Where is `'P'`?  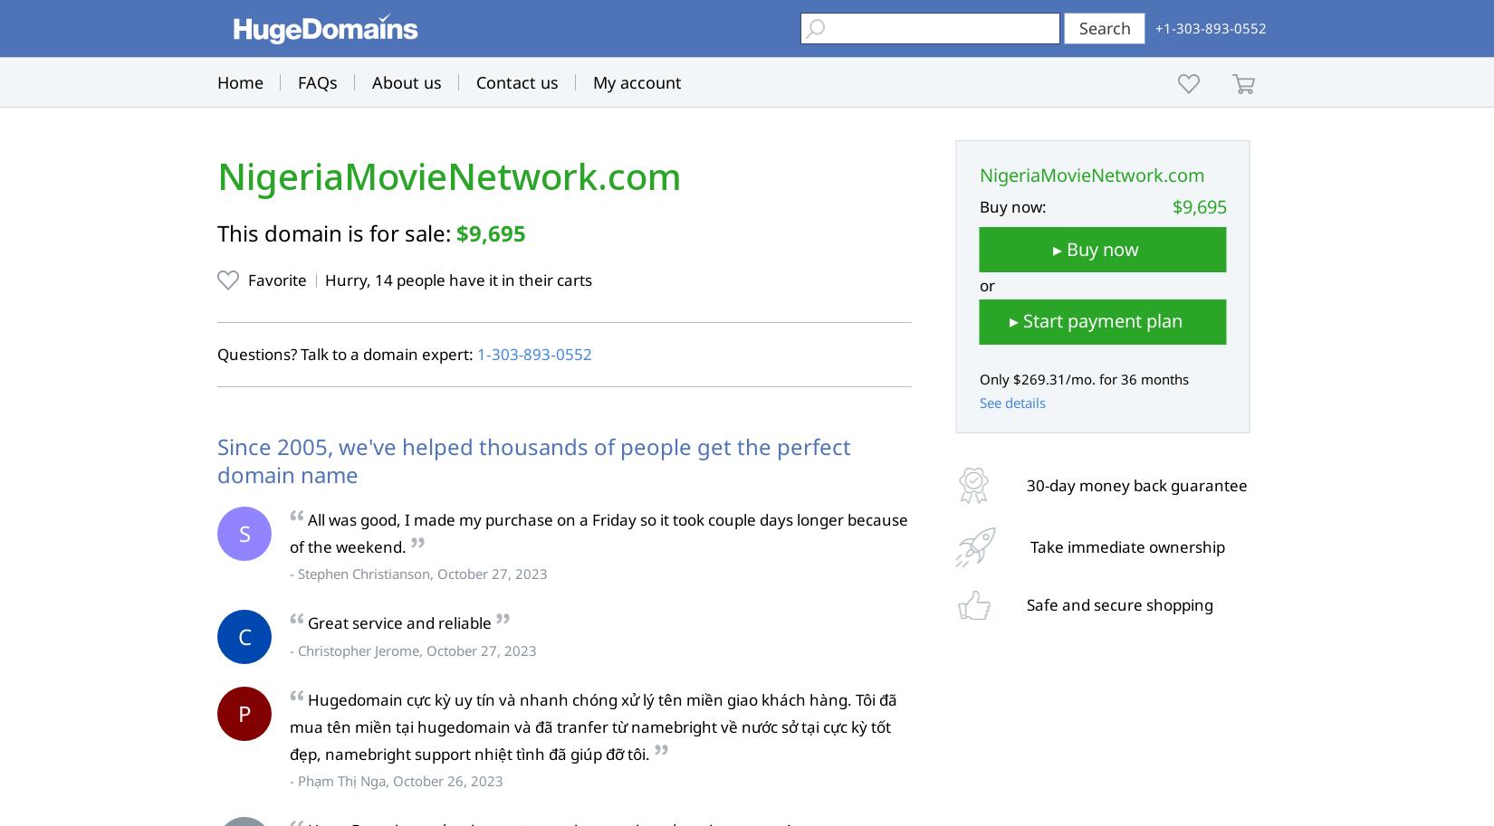
'P' is located at coordinates (244, 713).